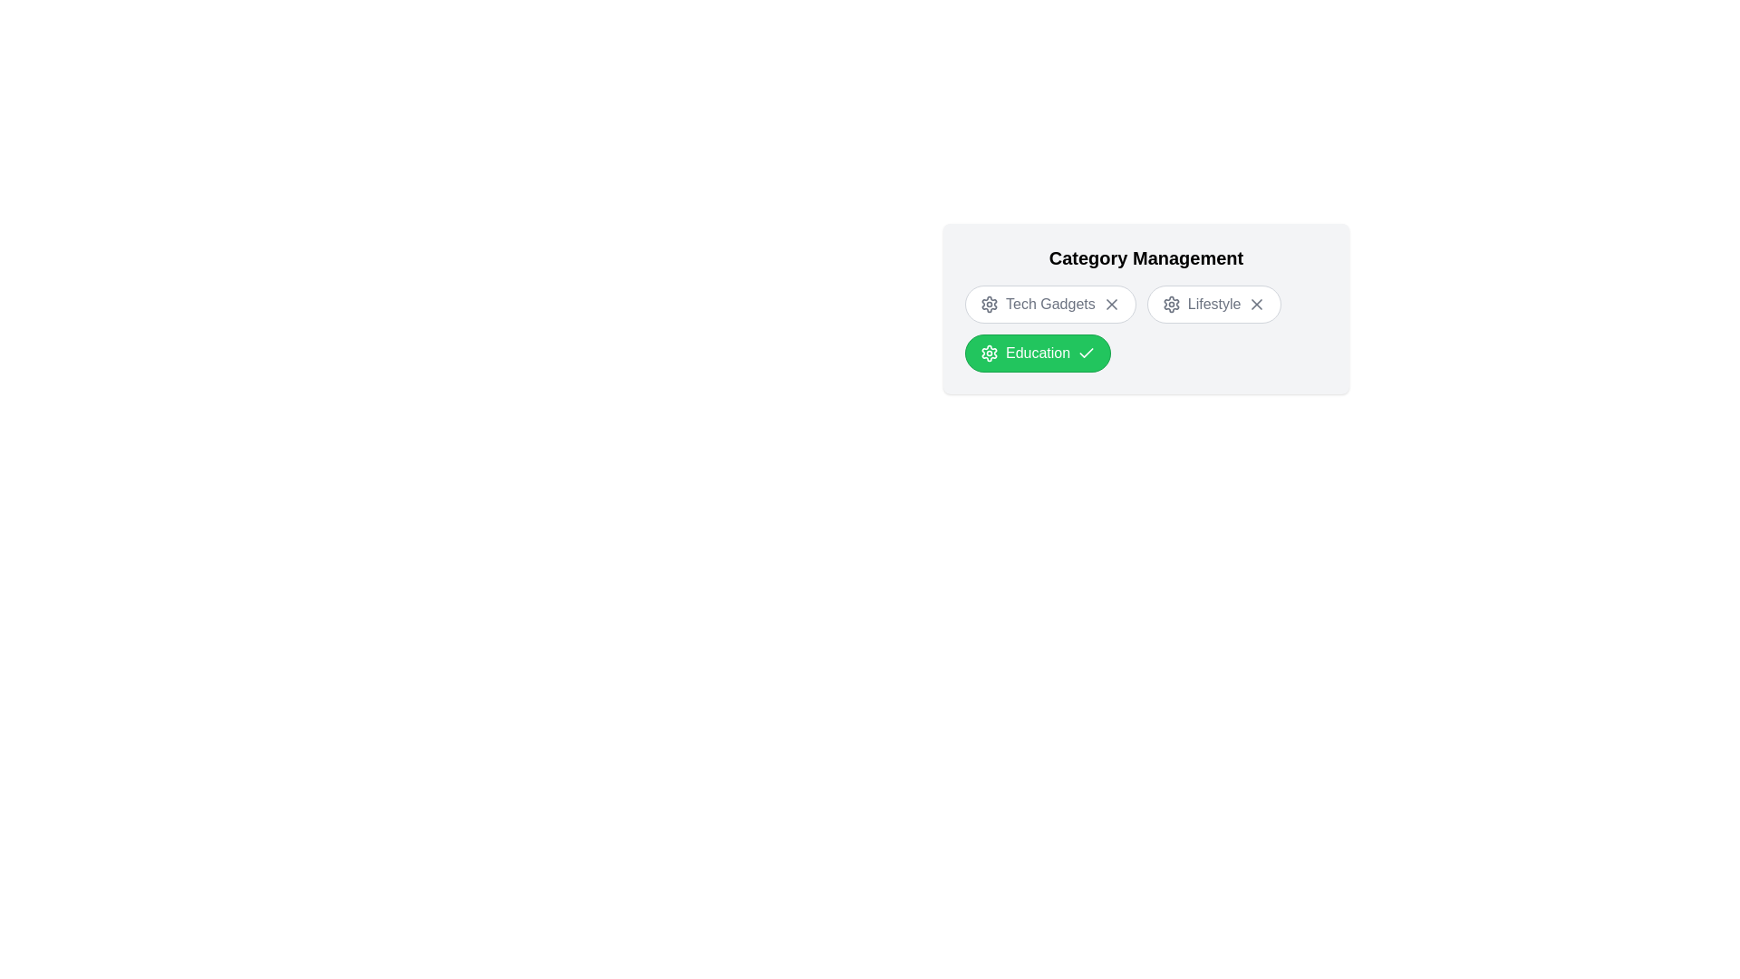 The width and height of the screenshot is (1740, 979). What do you see at coordinates (1049, 303) in the screenshot?
I see `the 'Tech Gadgets' chip to toggle its activation state` at bounding box center [1049, 303].